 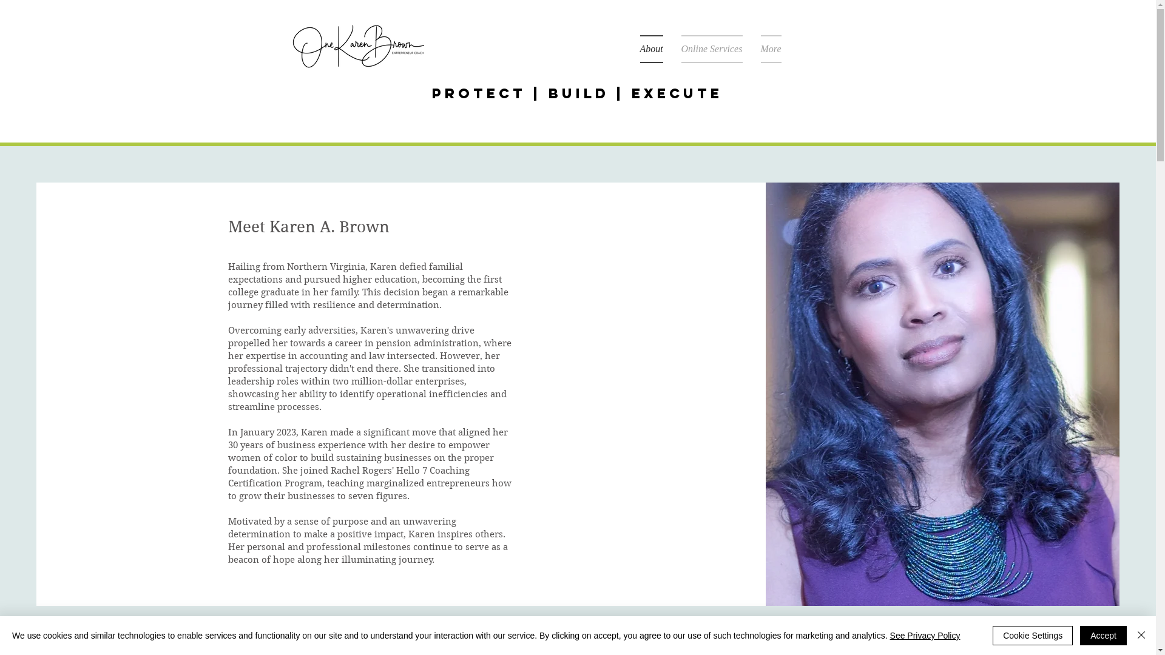 What do you see at coordinates (672, 49) in the screenshot?
I see `'Online Services'` at bounding box center [672, 49].